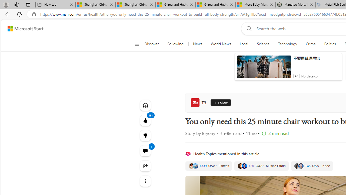 The image size is (346, 195). I want to click on 'Politics', so click(330, 44).